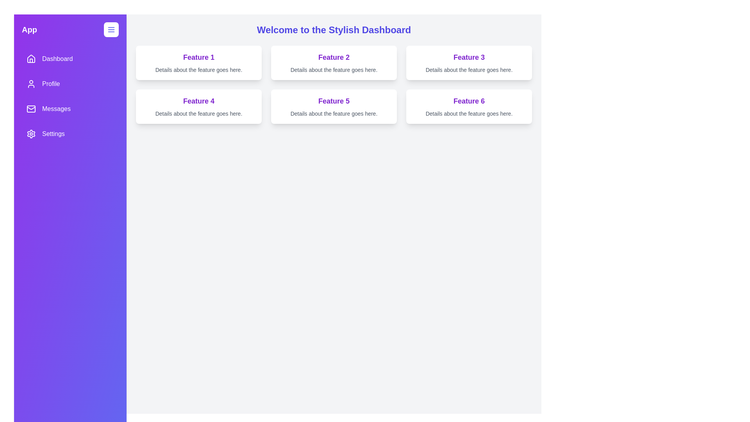 The width and height of the screenshot is (750, 422). What do you see at coordinates (334, 57) in the screenshot?
I see `the text label displaying 'Feature 2' in bold purple font, which is the heading of the second card in the grid layout` at bounding box center [334, 57].